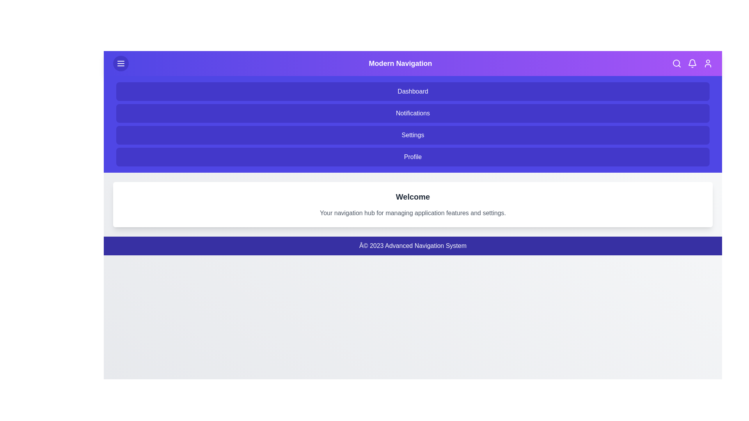 Image resolution: width=749 pixels, height=421 pixels. Describe the element at coordinates (676, 63) in the screenshot. I see `the search icon in the navigation bar` at that location.